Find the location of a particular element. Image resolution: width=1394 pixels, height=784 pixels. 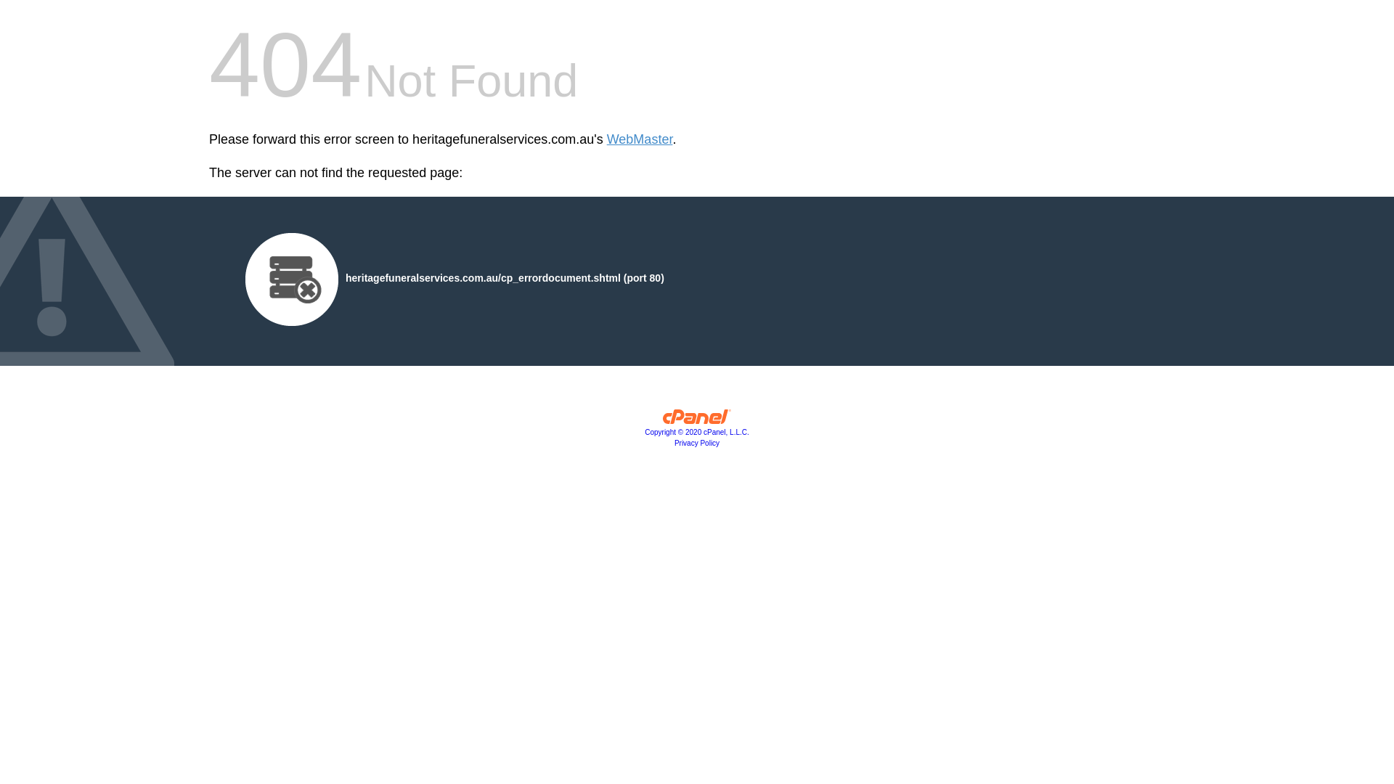

'cPanel, Inc.' is located at coordinates (697, 420).